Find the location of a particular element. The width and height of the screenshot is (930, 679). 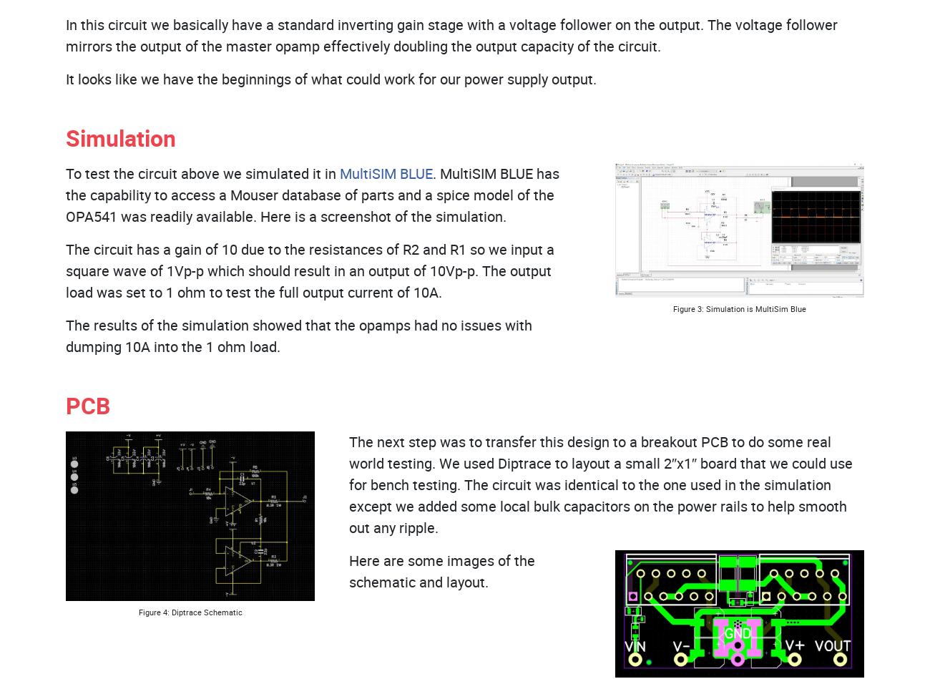

'eBooks & Guides' is located at coordinates (423, 92).